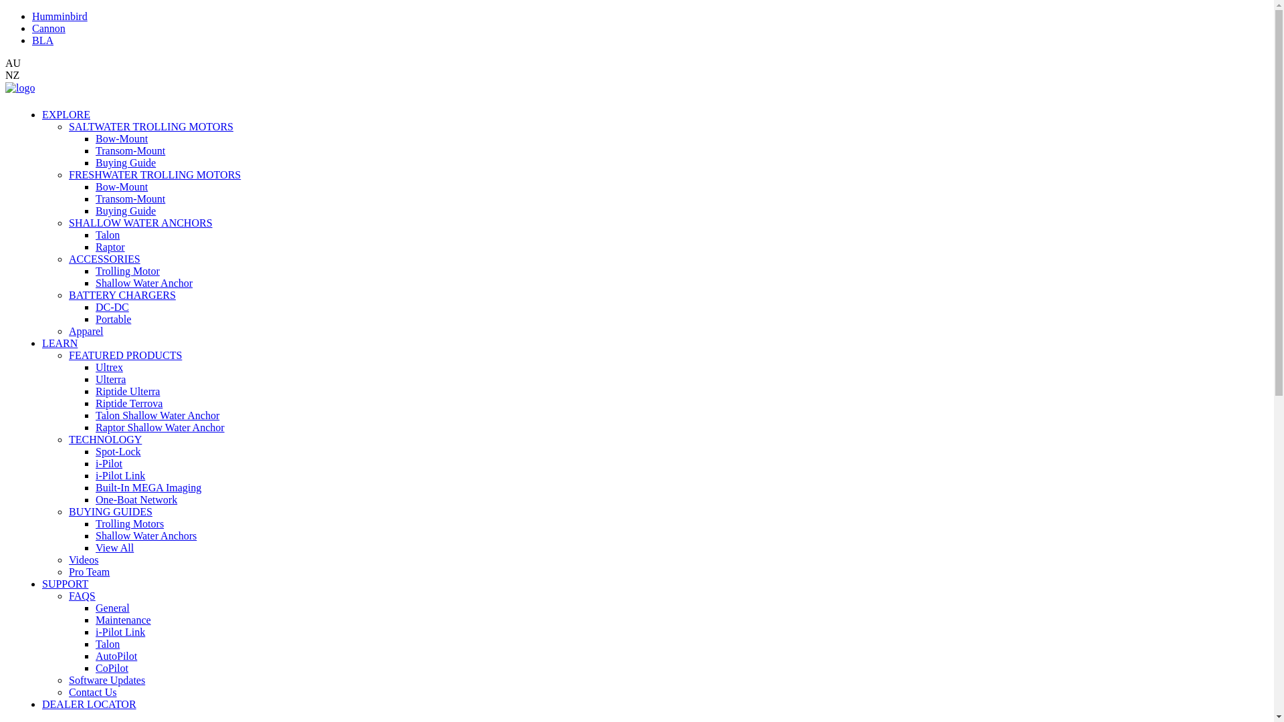 This screenshot has height=722, width=1284. What do you see at coordinates (122, 294) in the screenshot?
I see `'BATTERY CHARGERS'` at bounding box center [122, 294].